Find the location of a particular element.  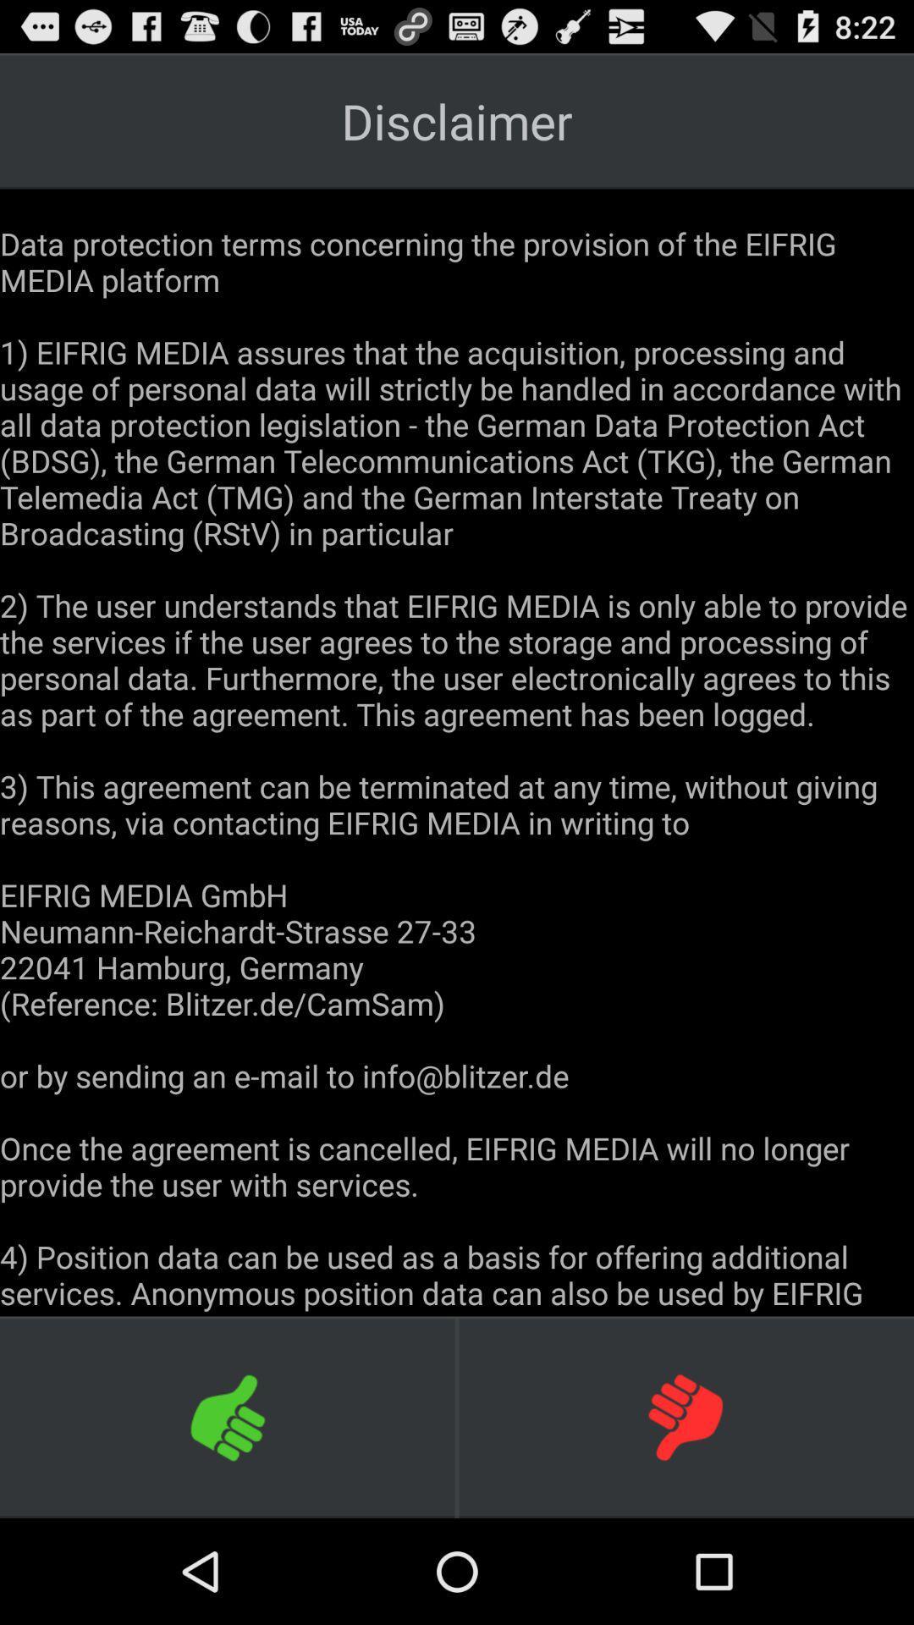

leave down vote is located at coordinates (685, 1417).